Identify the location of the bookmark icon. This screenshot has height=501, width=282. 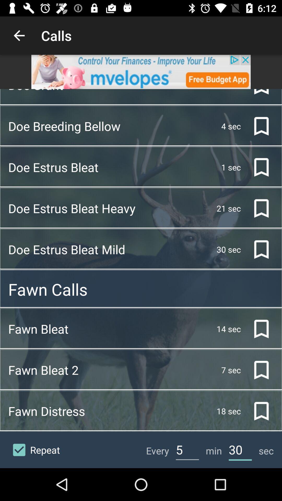
(257, 208).